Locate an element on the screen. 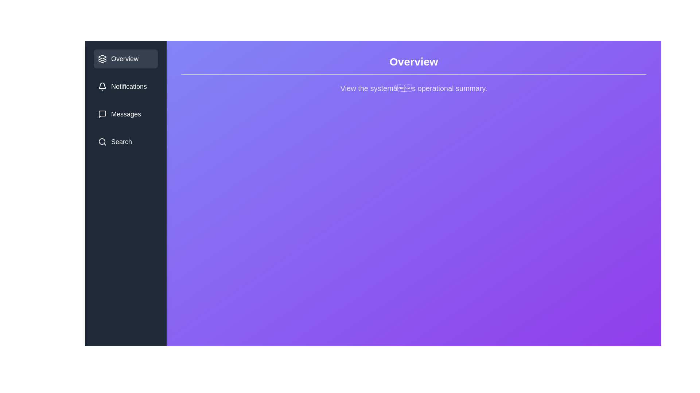  the Notifications tab in the menu is located at coordinates (126, 86).